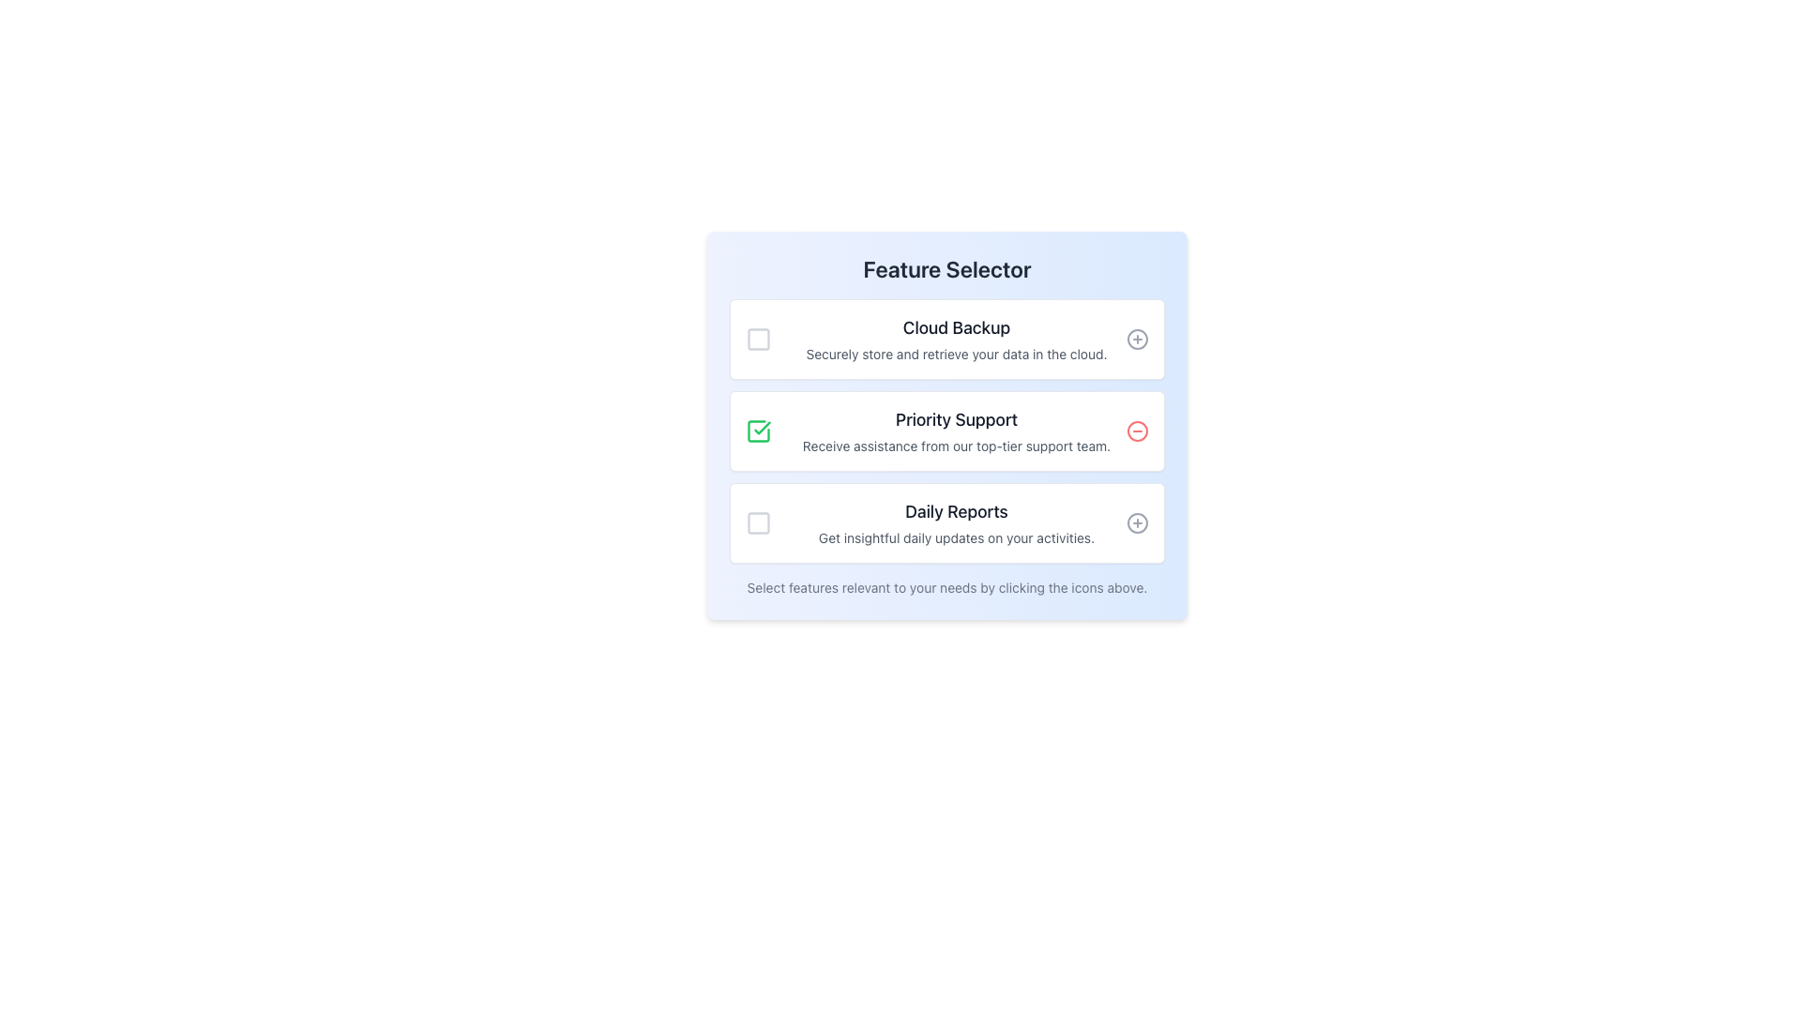  Describe the element at coordinates (956, 538) in the screenshot. I see `the text label providing information about the 'Daily Reports' feature, located below the 'Daily Reports' title` at that location.